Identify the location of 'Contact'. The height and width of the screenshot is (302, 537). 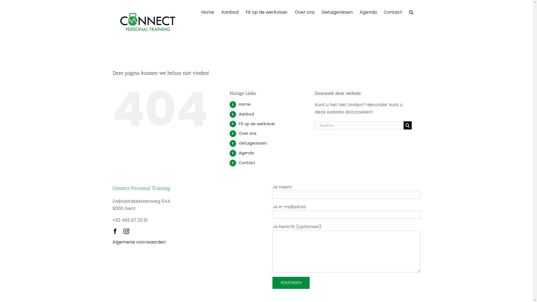
(239, 163).